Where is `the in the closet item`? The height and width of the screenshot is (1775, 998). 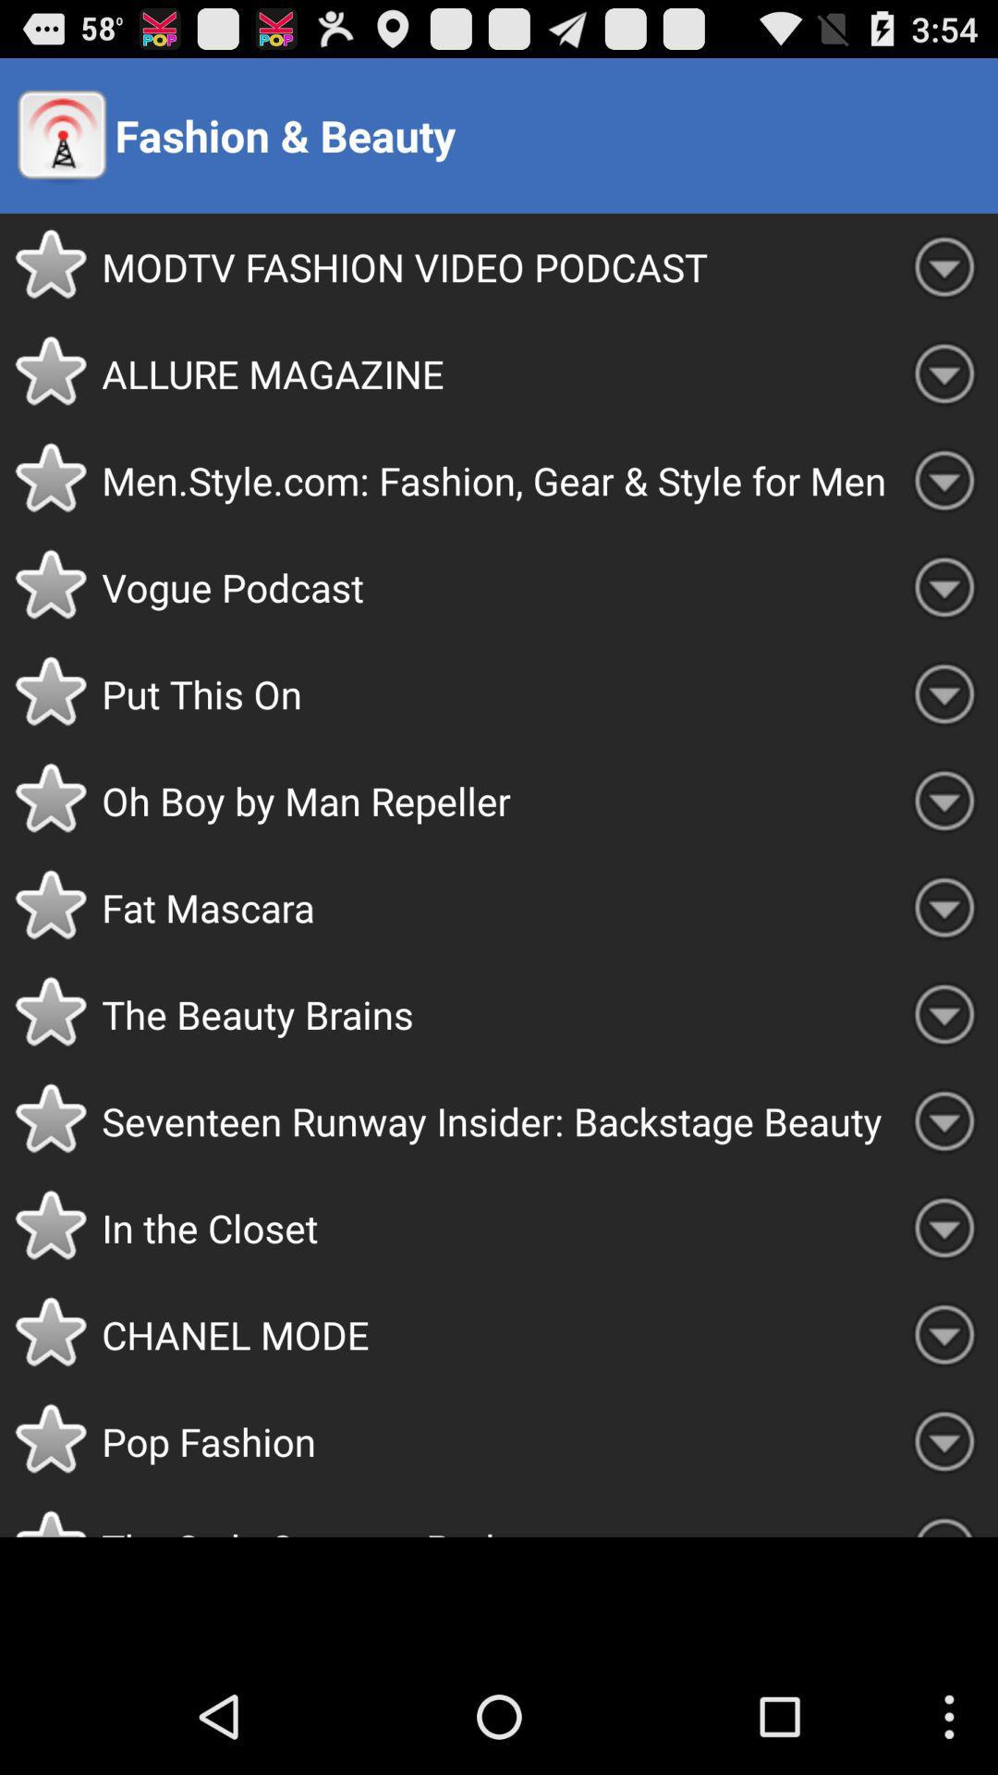 the in the closet item is located at coordinates (495, 1228).